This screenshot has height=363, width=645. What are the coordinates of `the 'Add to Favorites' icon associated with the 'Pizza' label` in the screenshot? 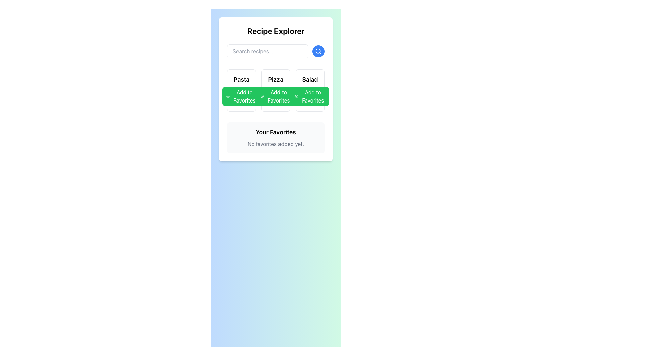 It's located at (262, 96).